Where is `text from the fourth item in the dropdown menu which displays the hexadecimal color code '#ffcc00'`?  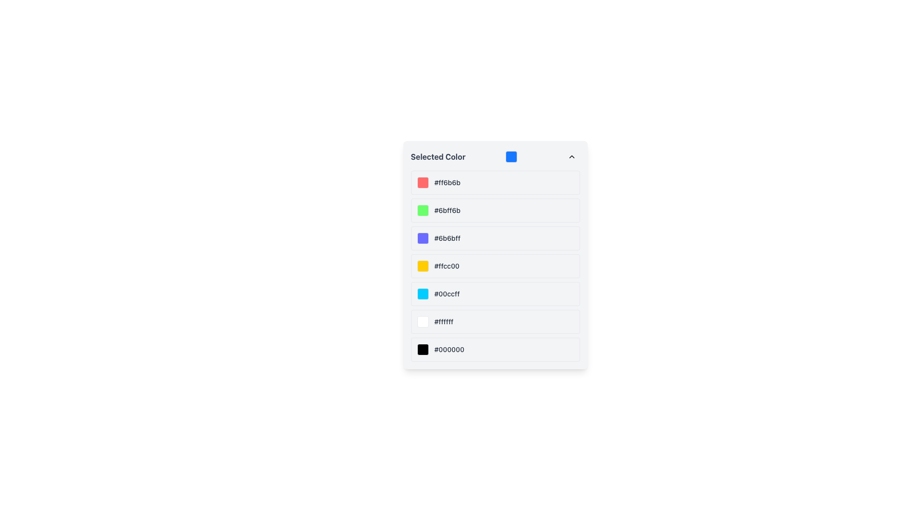
text from the fourth item in the dropdown menu which displays the hexadecimal color code '#ffcc00' is located at coordinates (446, 266).